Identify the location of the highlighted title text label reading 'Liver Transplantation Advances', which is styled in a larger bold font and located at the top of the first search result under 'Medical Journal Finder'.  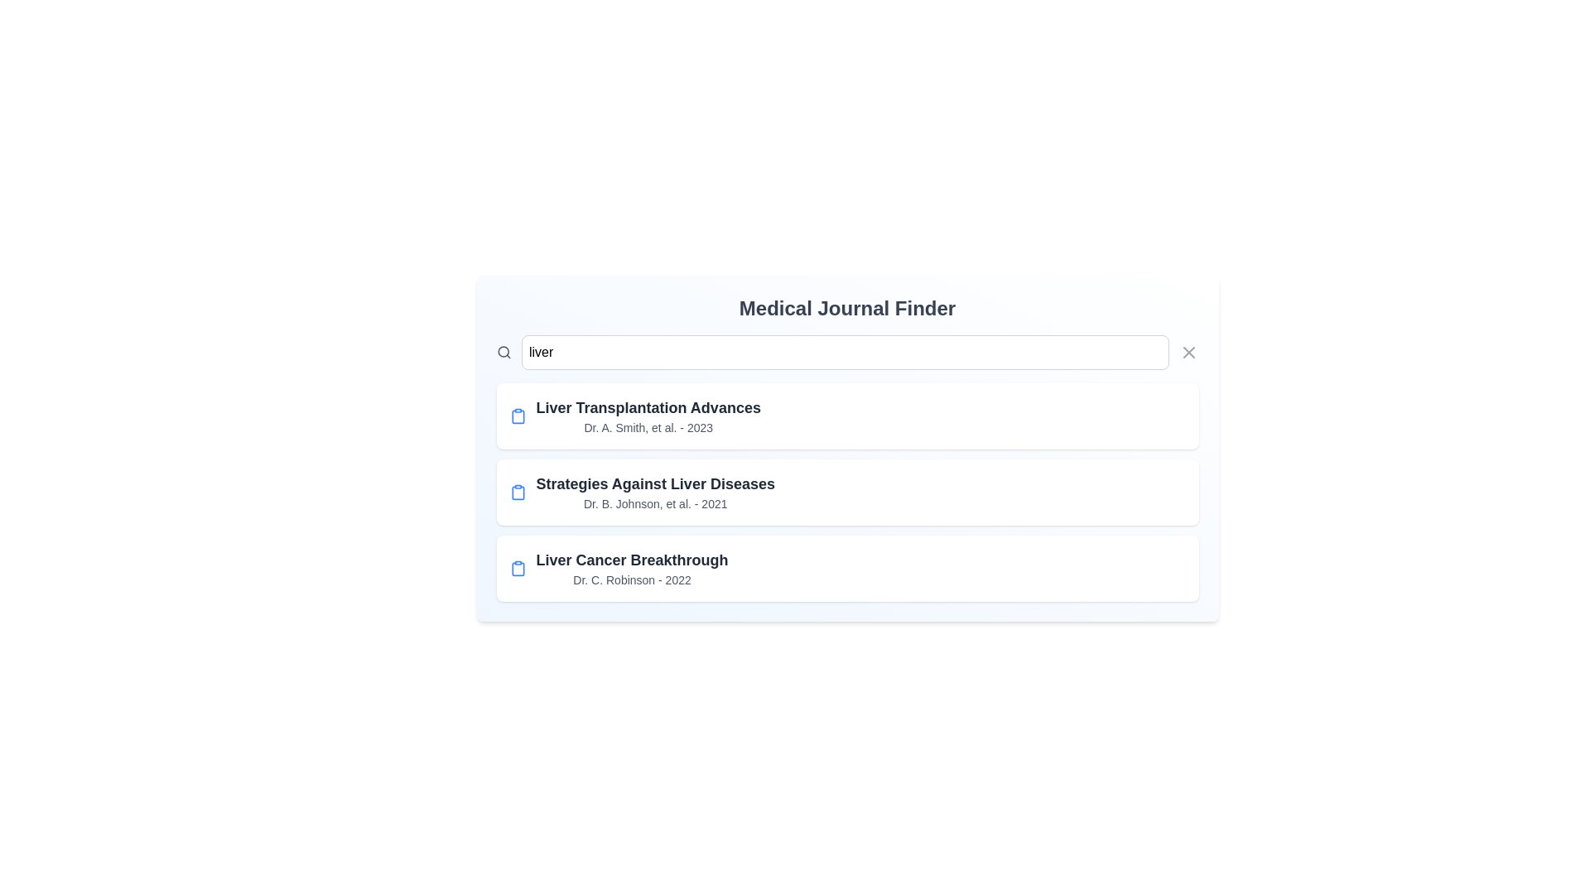
(648, 408).